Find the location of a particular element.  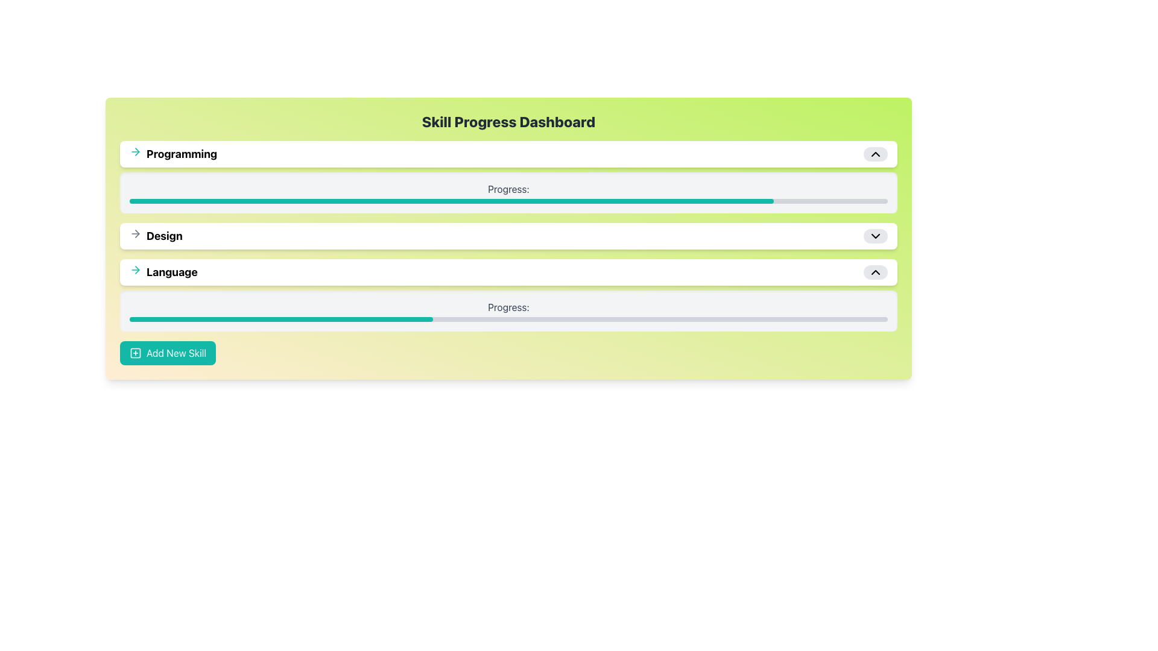

the rightward arrow icon styled in teal with a thin outline, located to the left of the 'Language' label is located at coordinates (136, 269).